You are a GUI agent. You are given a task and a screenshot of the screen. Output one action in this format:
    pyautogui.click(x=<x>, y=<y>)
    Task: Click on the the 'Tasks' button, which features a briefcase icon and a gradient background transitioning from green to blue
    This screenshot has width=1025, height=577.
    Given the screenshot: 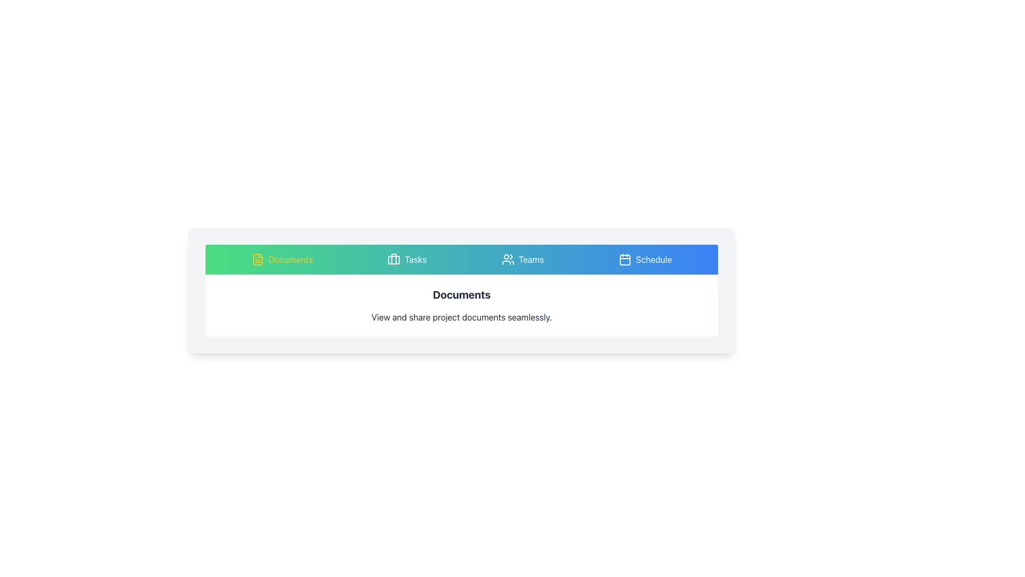 What is the action you would take?
    pyautogui.click(x=406, y=260)
    